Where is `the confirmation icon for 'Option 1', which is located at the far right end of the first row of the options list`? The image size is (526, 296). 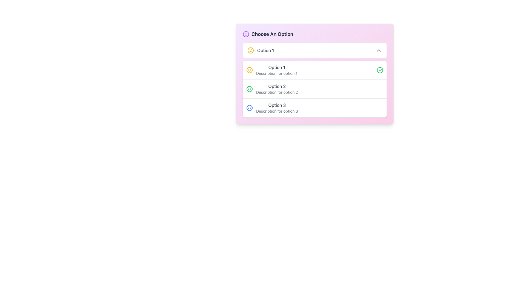 the confirmation icon for 'Option 1', which is located at the far right end of the first row of the options list is located at coordinates (380, 70).